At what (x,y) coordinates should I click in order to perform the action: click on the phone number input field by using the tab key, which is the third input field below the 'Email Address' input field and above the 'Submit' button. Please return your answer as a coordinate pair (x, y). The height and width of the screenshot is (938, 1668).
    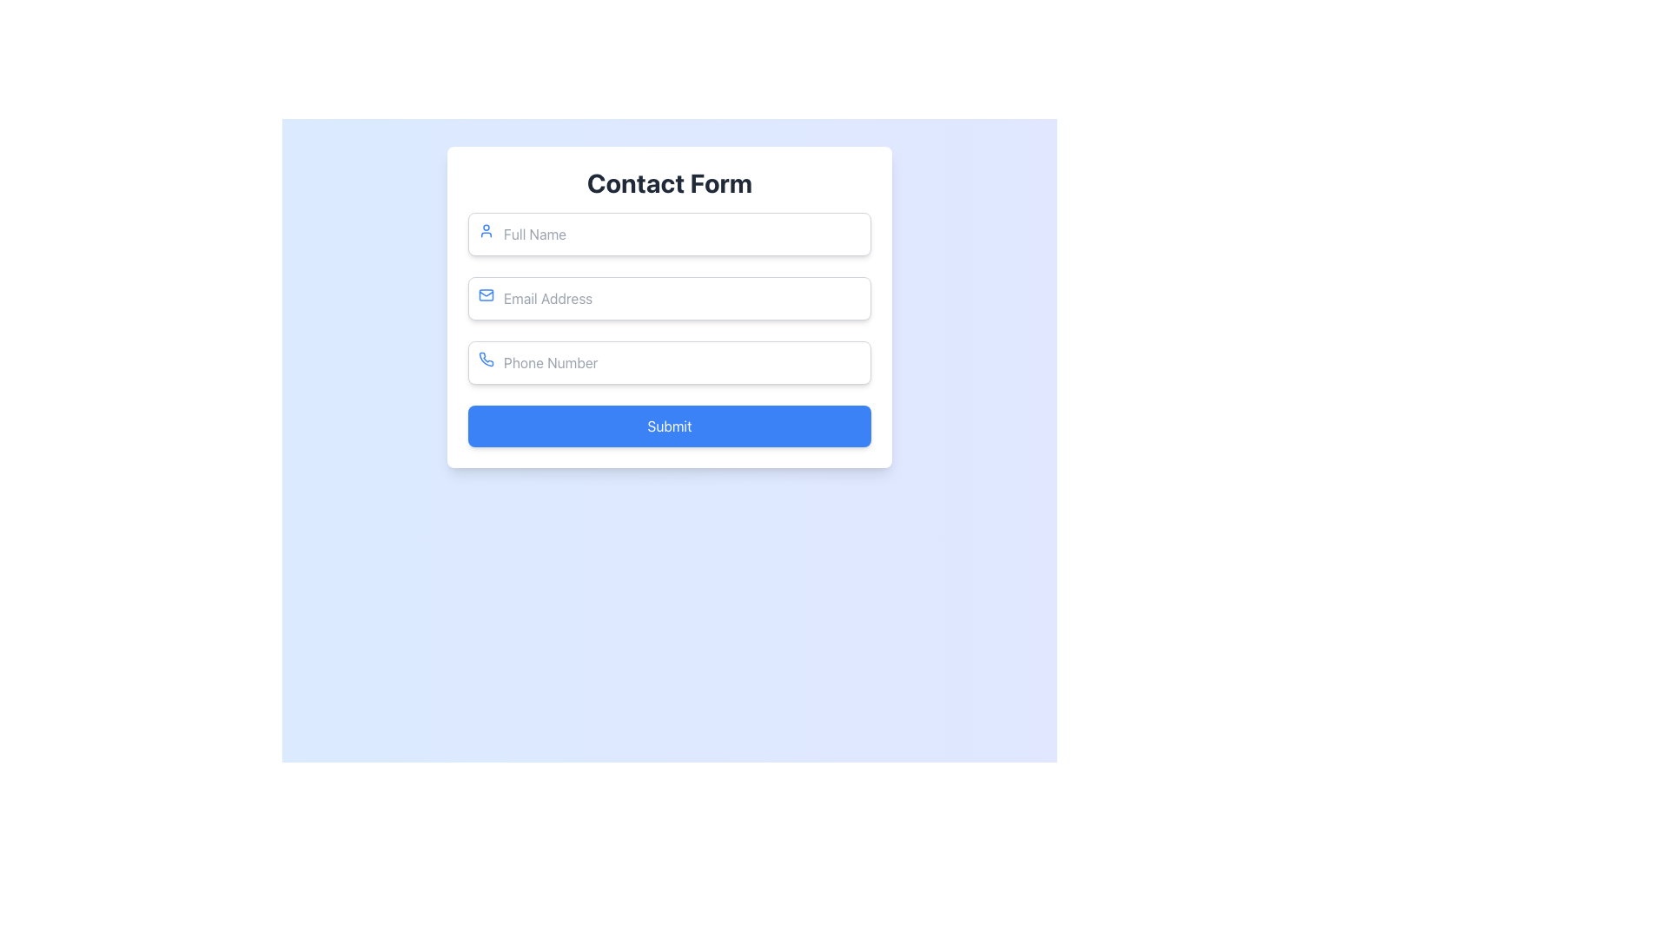
    Looking at the image, I should click on (669, 361).